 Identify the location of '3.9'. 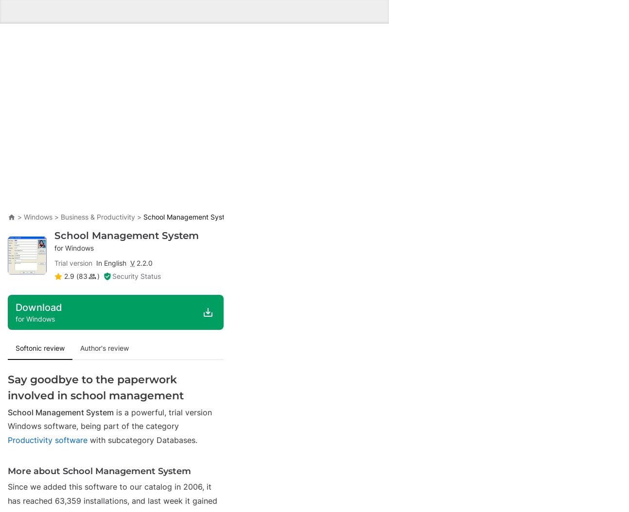
(67, 52).